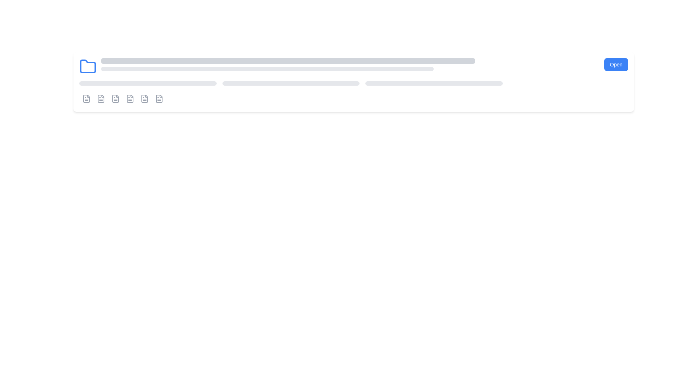 This screenshot has width=698, height=392. What do you see at coordinates (87, 66) in the screenshot?
I see `the blue folder icon with a rectangular shape and a tab-like protrusion, located in the first row of icons on the left side of the layout` at bounding box center [87, 66].